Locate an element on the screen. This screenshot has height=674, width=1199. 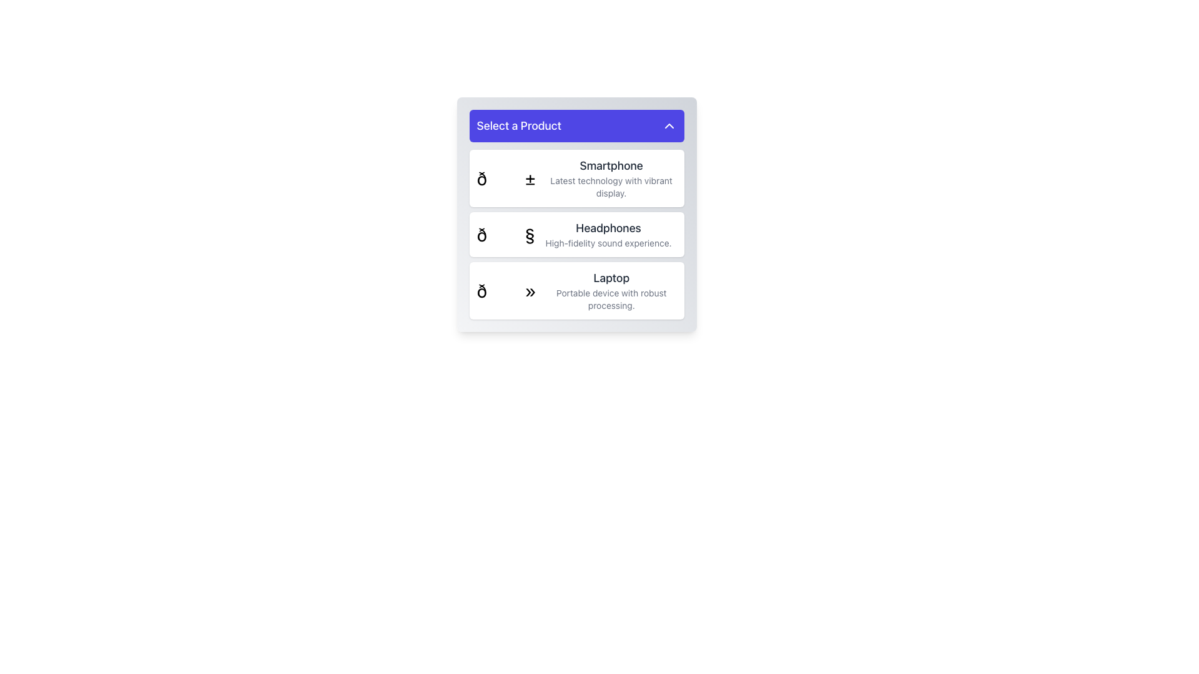
the text label 'Laptop' in the selectable list, which is the third entry between 'Headphones' and 'Tablet' is located at coordinates (611, 291).